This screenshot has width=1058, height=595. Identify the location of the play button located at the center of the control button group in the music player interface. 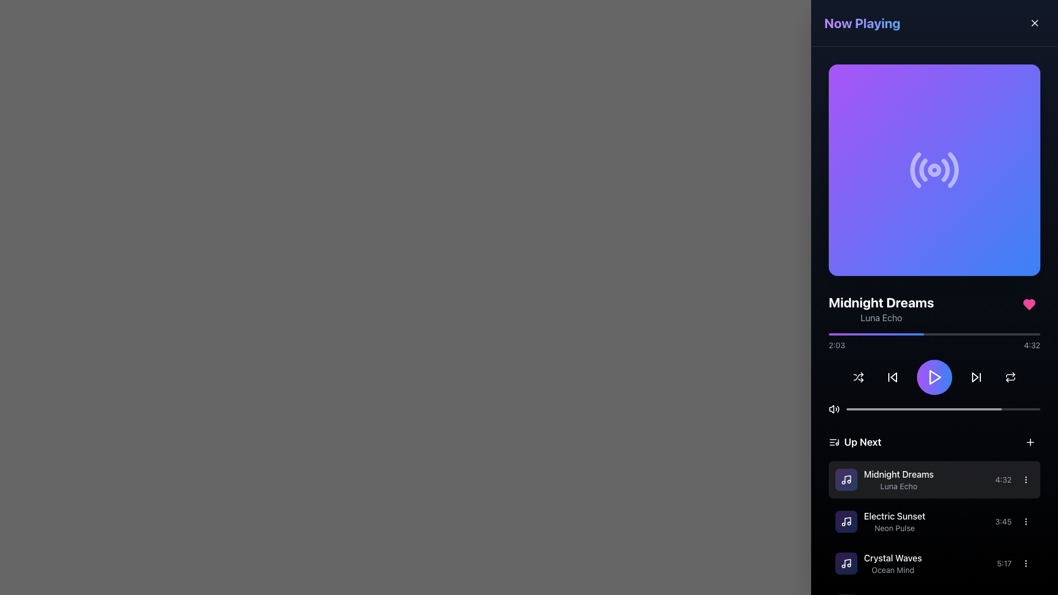
(933, 377).